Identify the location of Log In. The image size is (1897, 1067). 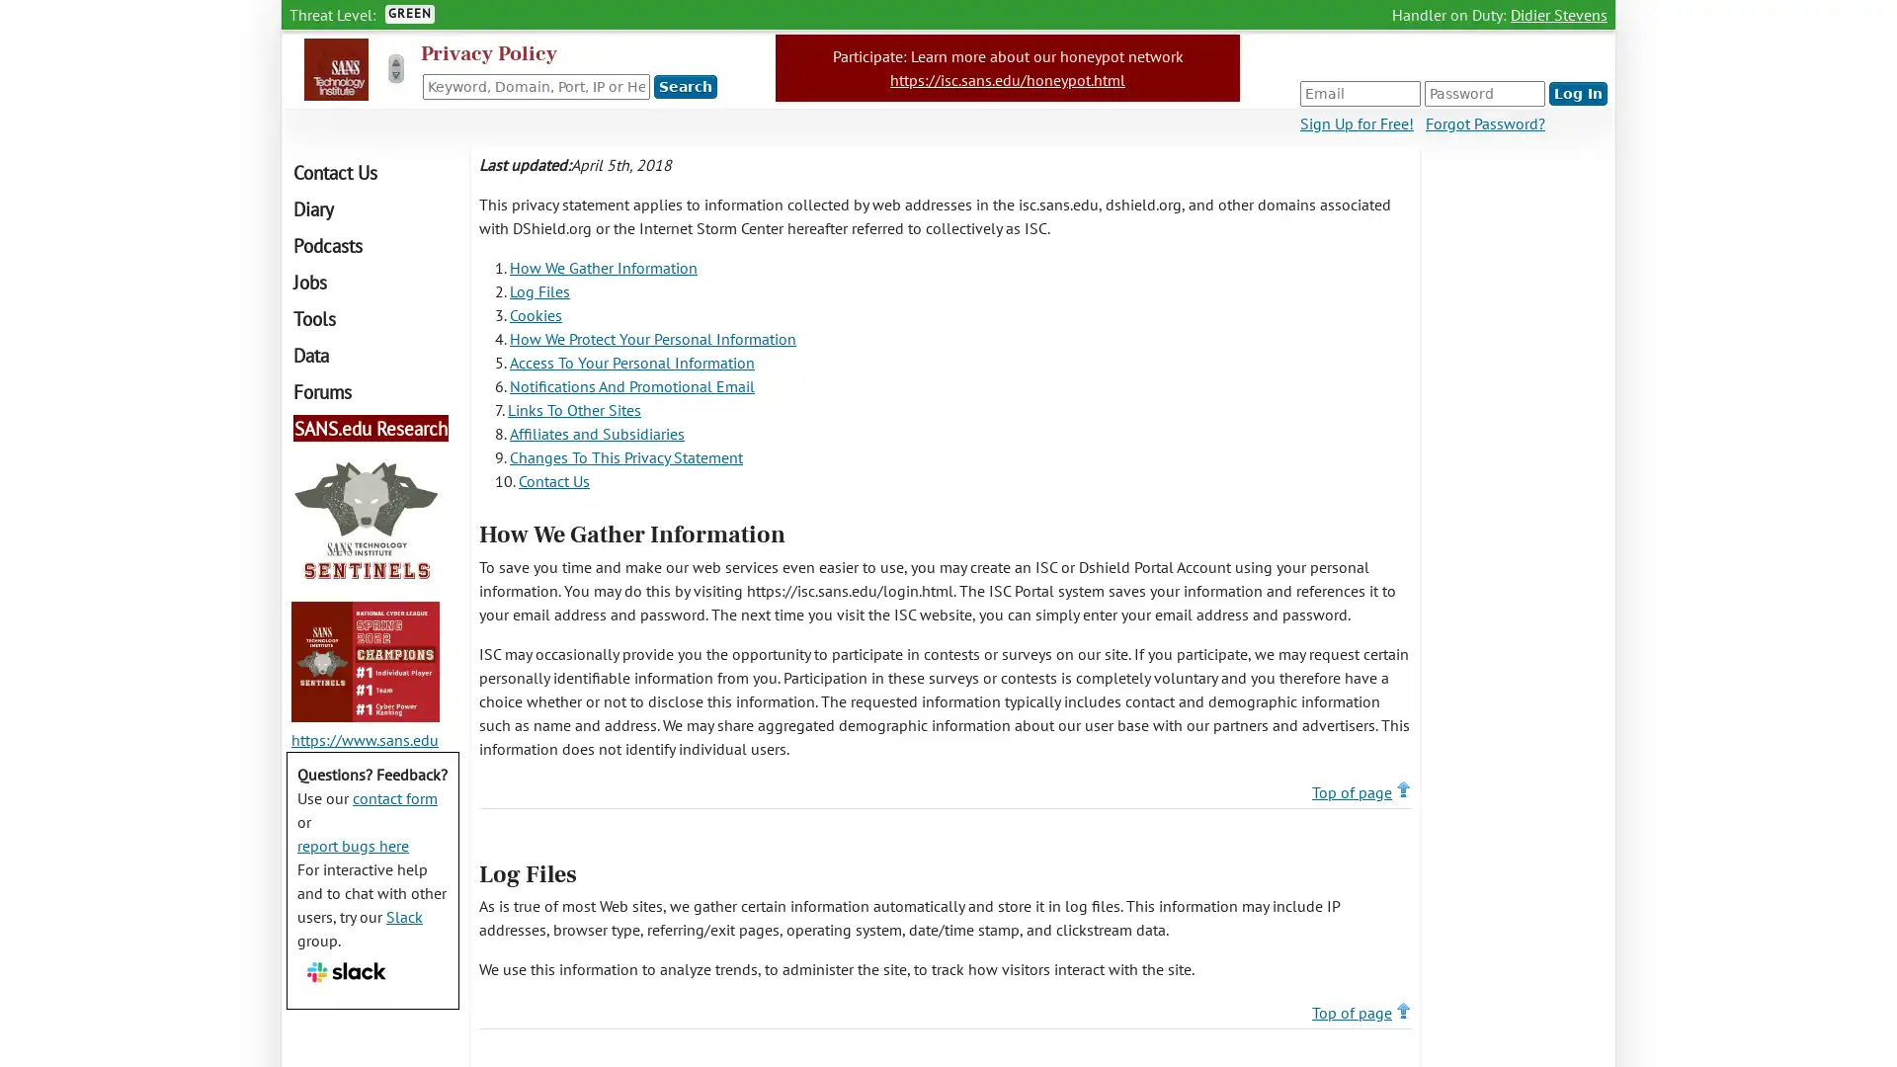
(1577, 94).